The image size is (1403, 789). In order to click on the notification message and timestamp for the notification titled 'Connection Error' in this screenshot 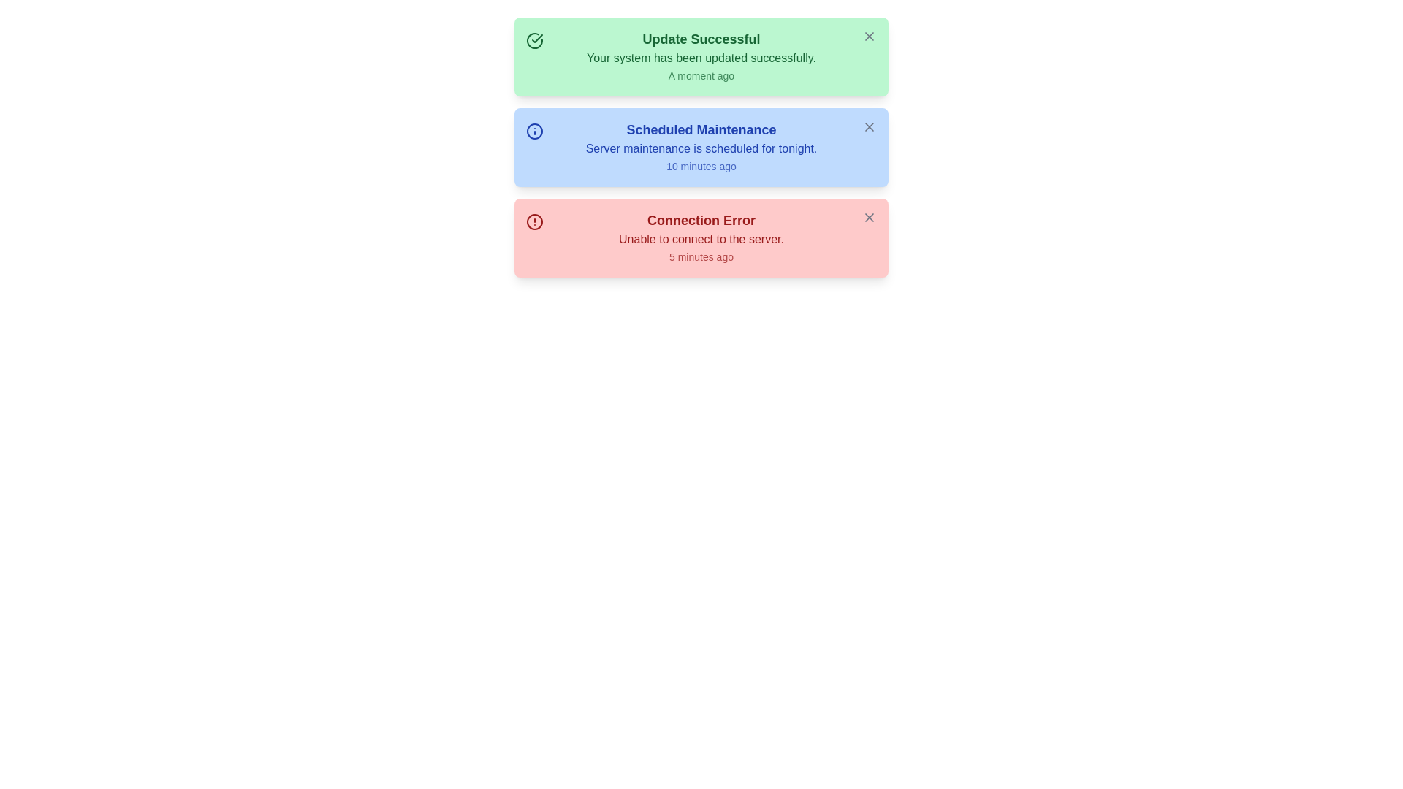, I will do `click(701, 237)`.